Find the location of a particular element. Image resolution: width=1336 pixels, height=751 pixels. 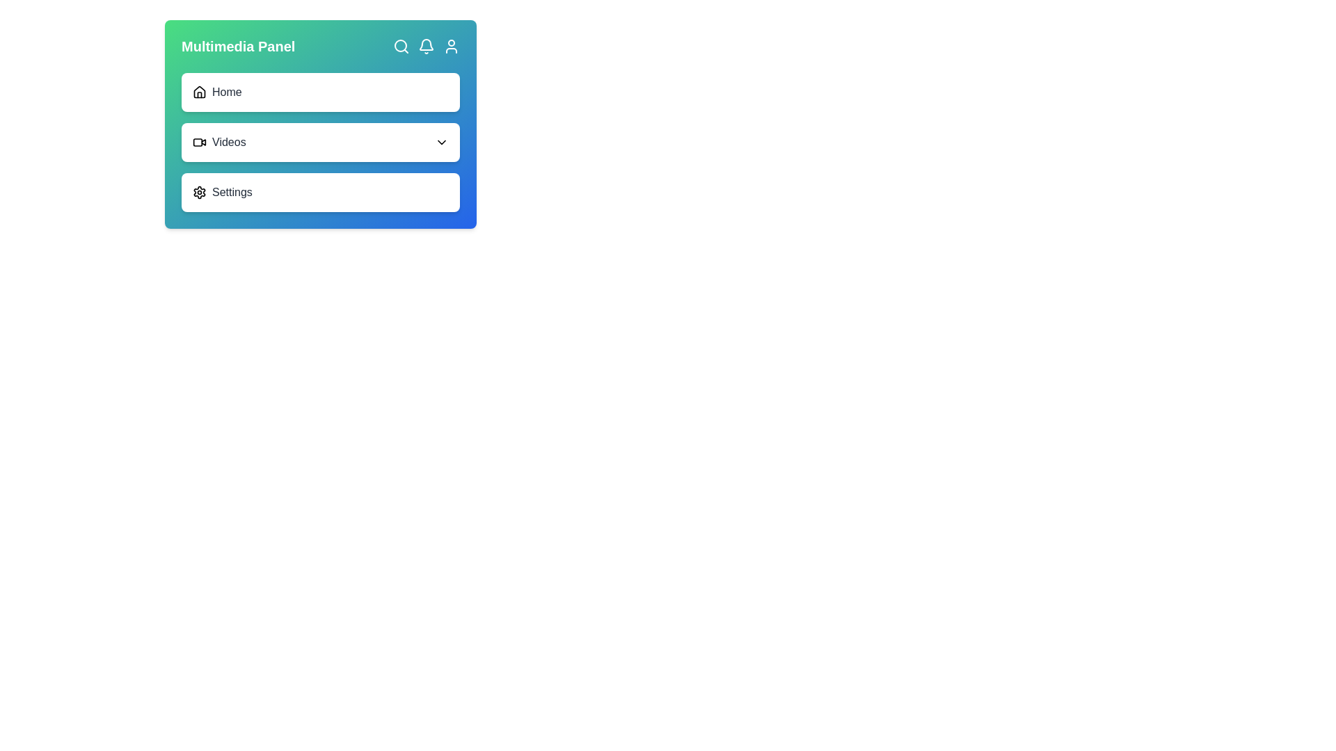

the Text Label that serves as a descriptive heading for multimedia-related operations, located in the top horizontal bar of the panel is located at coordinates (238, 45).